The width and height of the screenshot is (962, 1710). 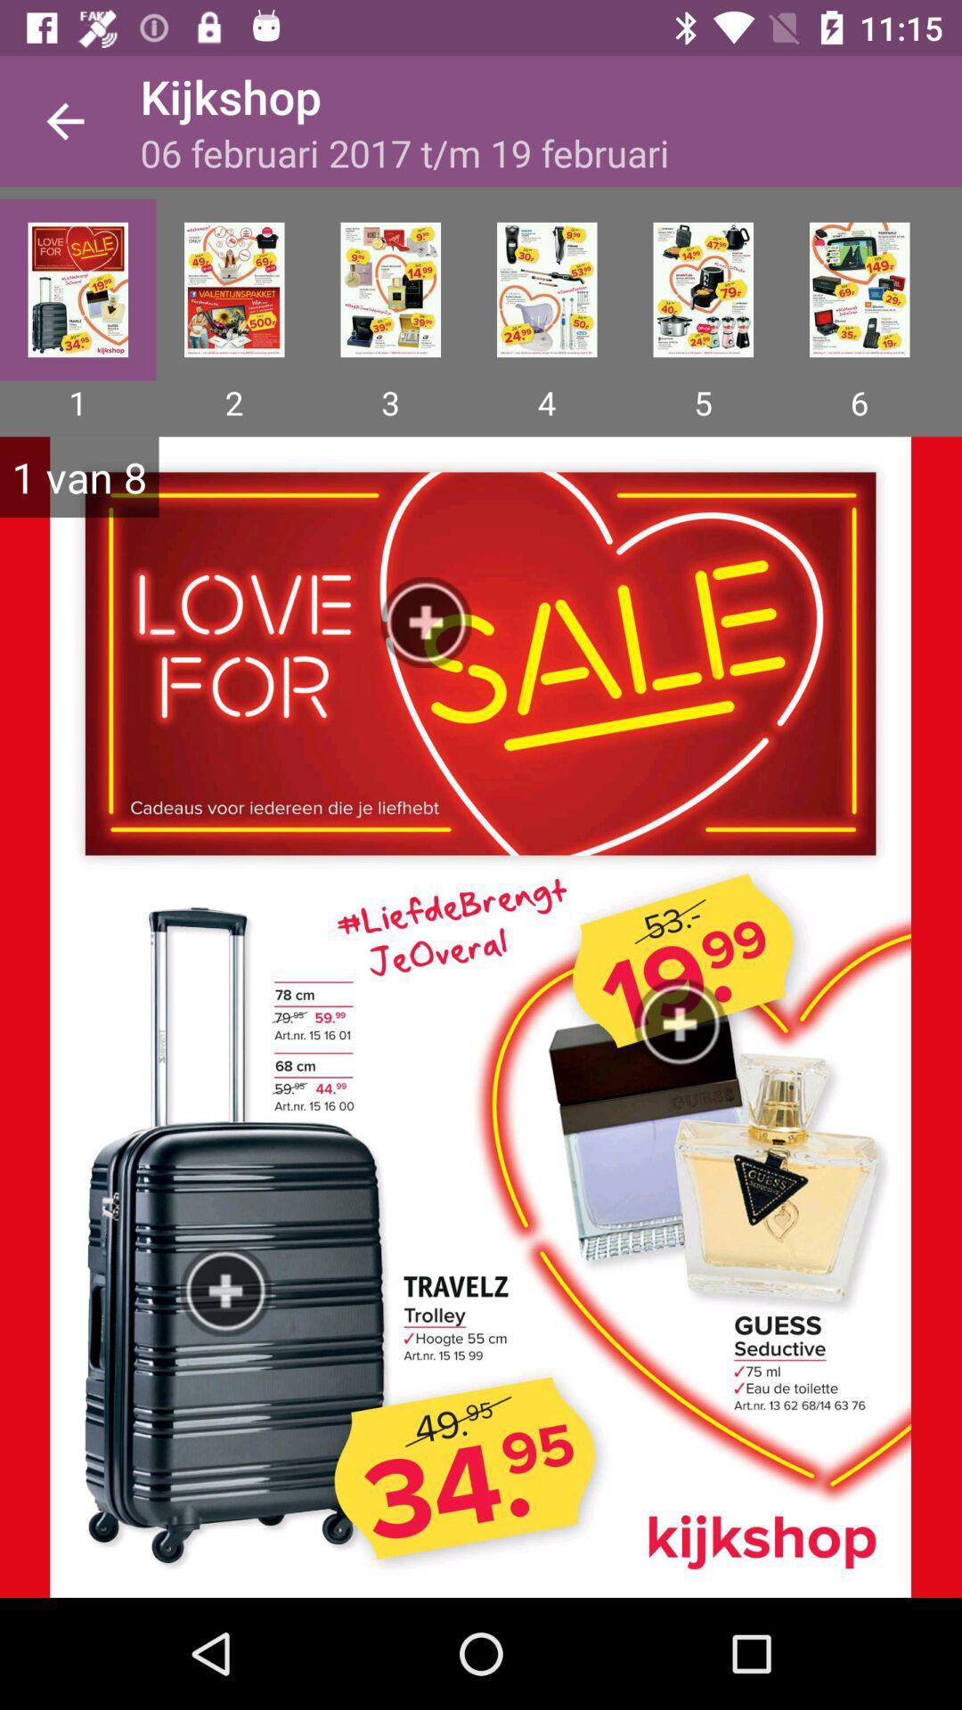 What do you see at coordinates (77, 289) in the screenshot?
I see `expand photo number one` at bounding box center [77, 289].